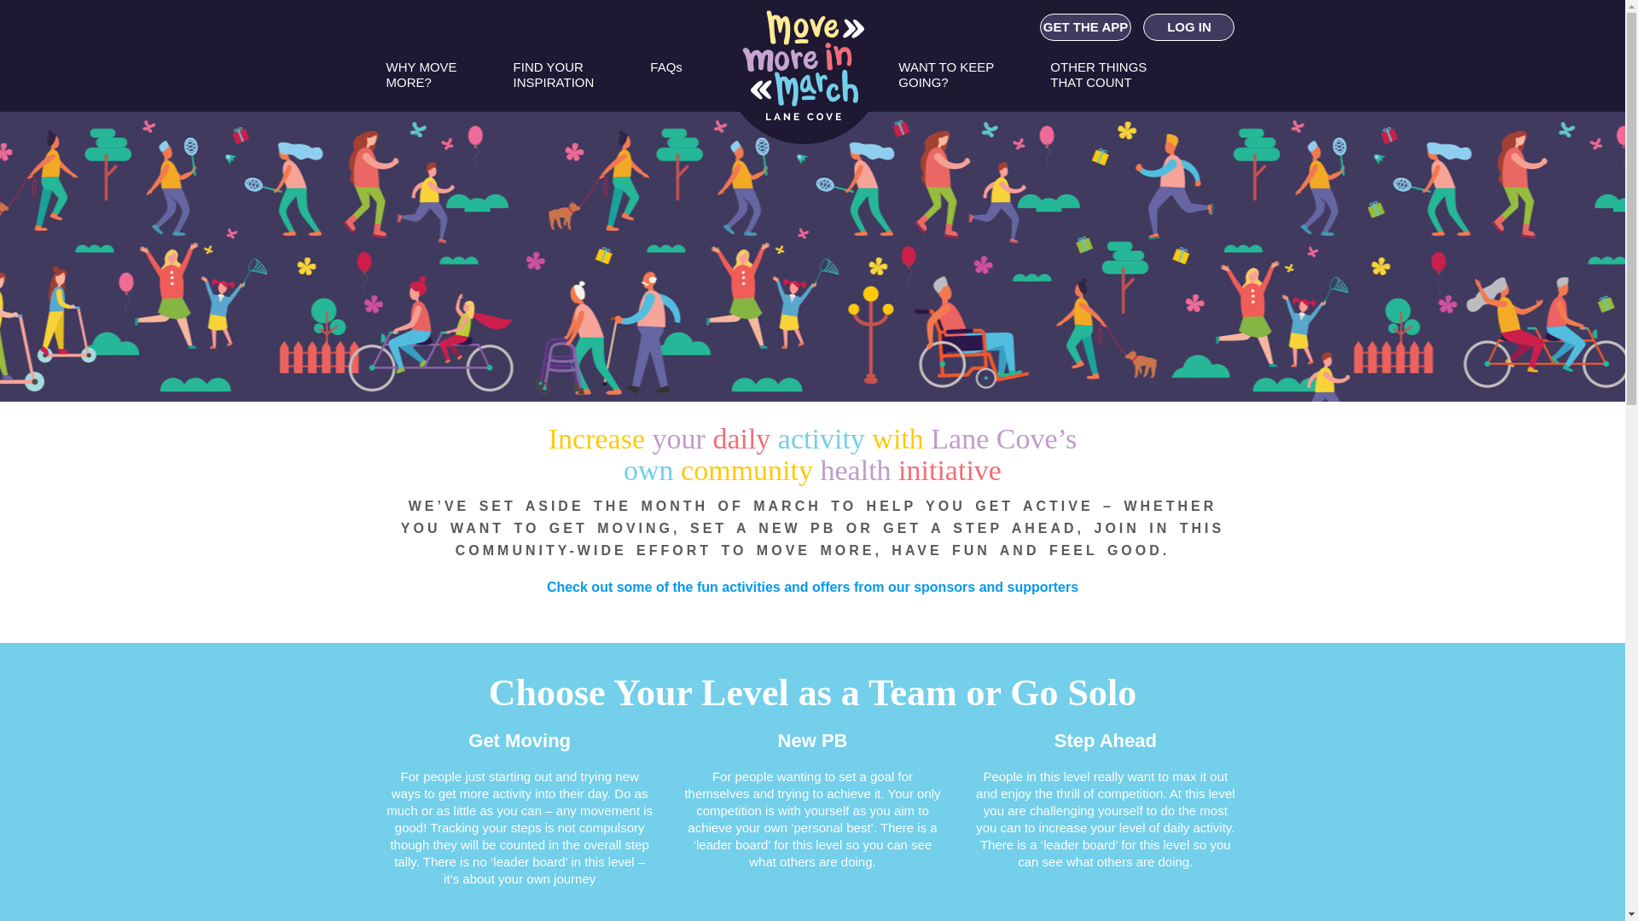 This screenshot has height=921, width=1638. Describe the element at coordinates (665, 82) in the screenshot. I see `'FAQs'` at that location.